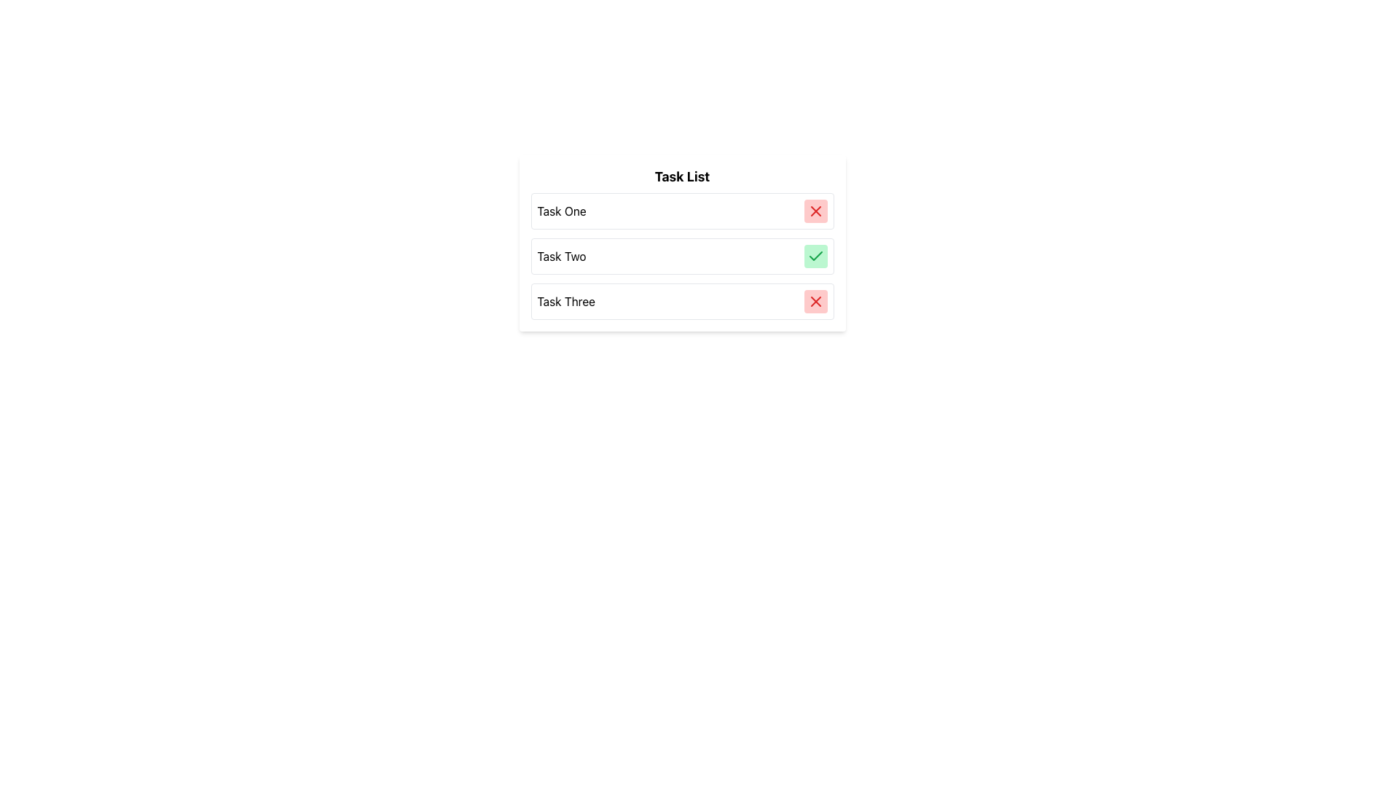 This screenshot has height=787, width=1399. What do you see at coordinates (561, 211) in the screenshot?
I see `the 'Task One' text label, which is styled in black and located at the top of a vertically stacked list, for selection` at bounding box center [561, 211].